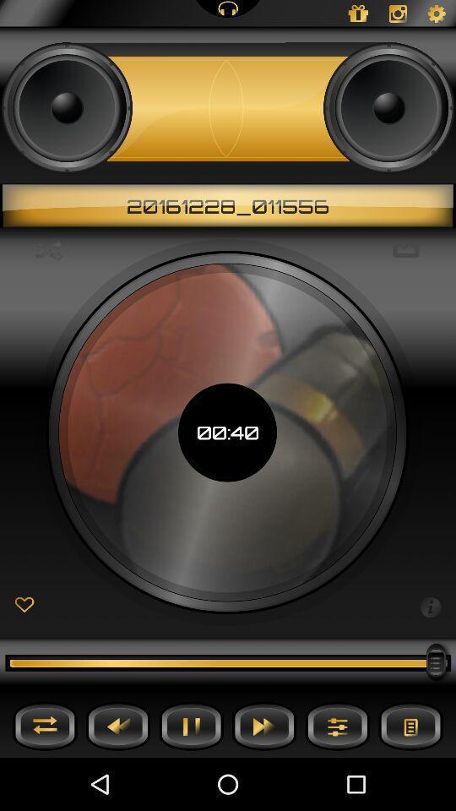  Describe the element at coordinates (337, 725) in the screenshot. I see `tuning` at that location.